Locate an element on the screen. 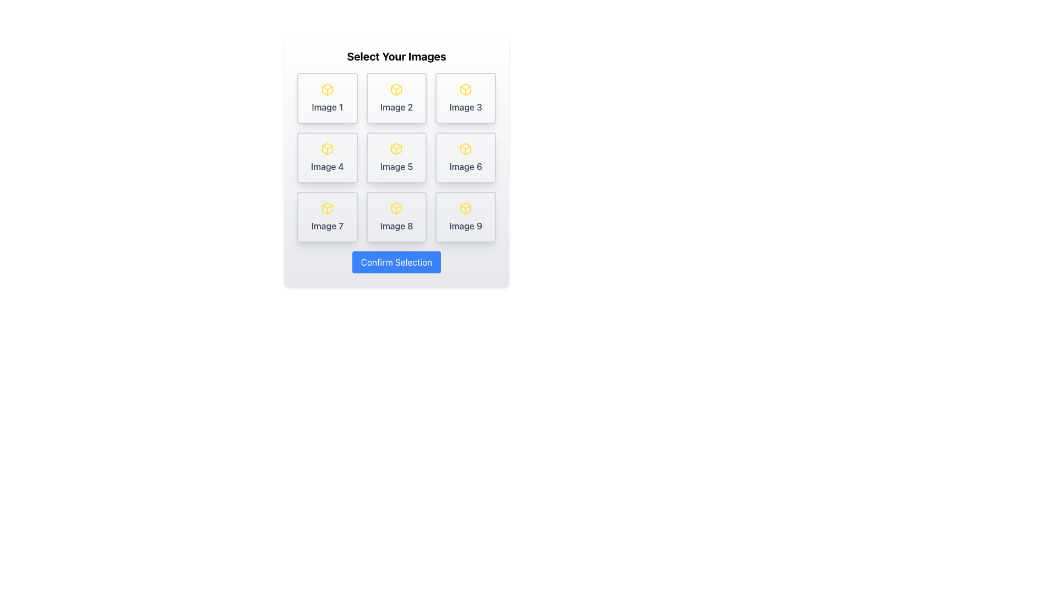  the small, yellow-colored triangular shape that is part of the icon resembling a box, located centrally in the middle section of the icon is located at coordinates (396, 207).